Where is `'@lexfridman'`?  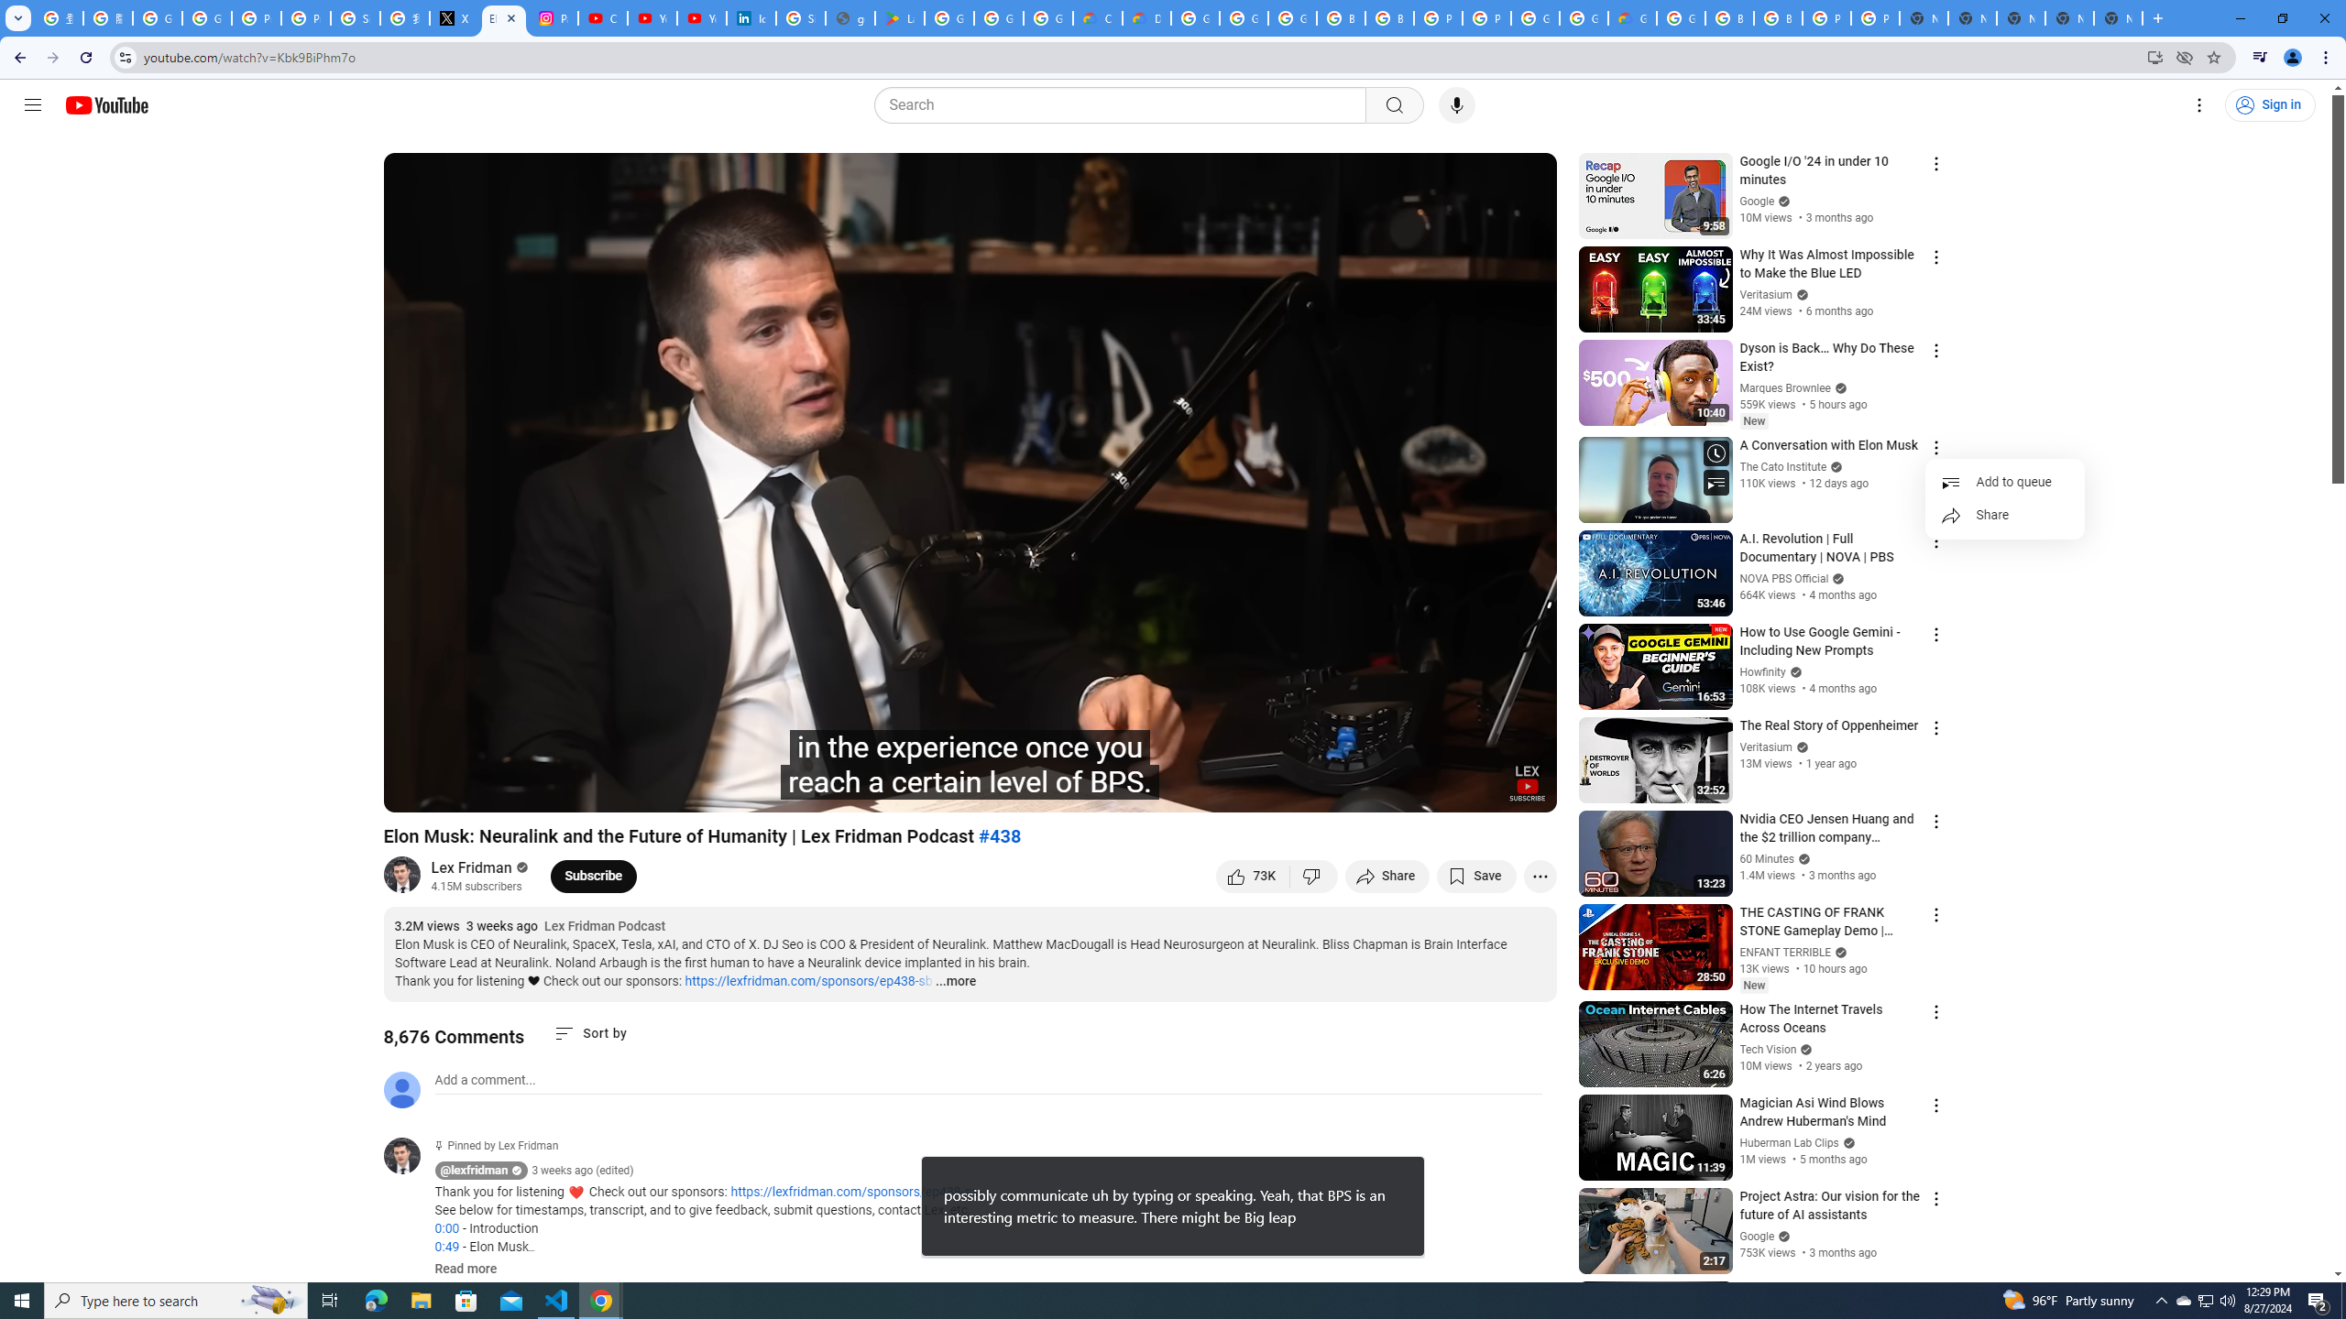 '@lexfridman' is located at coordinates (408, 1155).